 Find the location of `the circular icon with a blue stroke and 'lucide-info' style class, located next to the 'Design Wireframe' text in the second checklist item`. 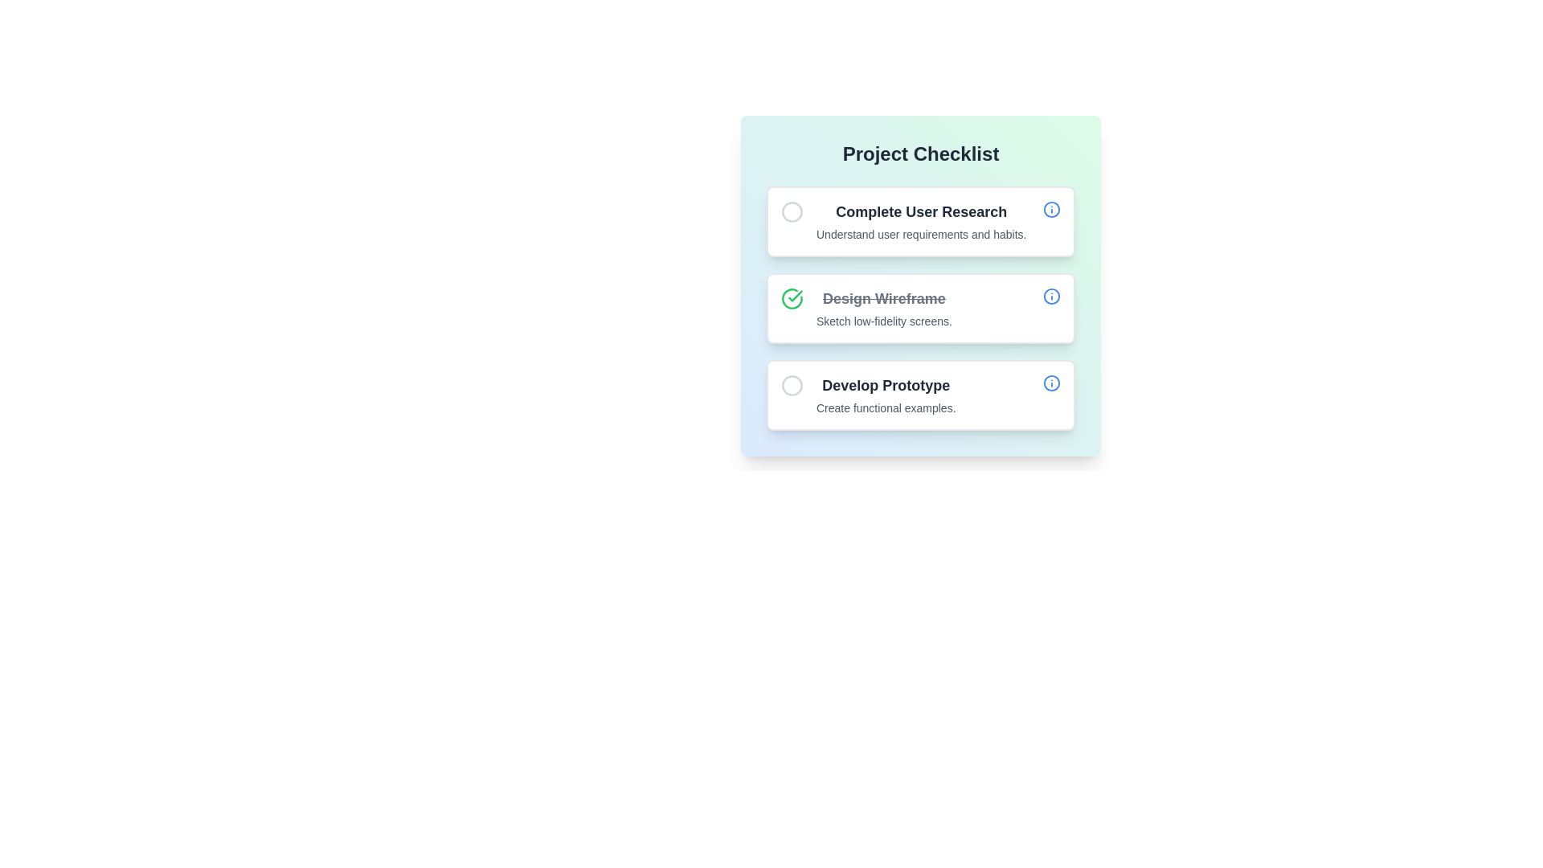

the circular icon with a blue stroke and 'lucide-info' style class, located next to the 'Design Wireframe' text in the second checklist item is located at coordinates (1052, 297).